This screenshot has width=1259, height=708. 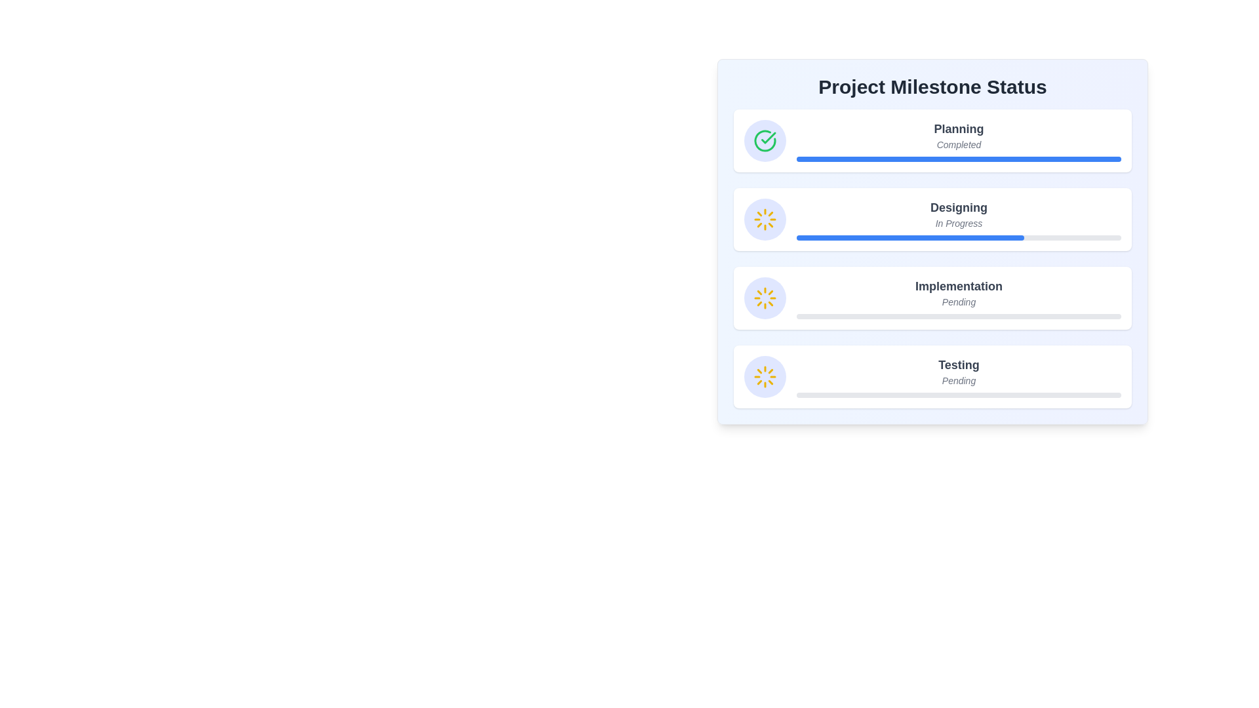 I want to click on the horizontal progress bar located beneath the 'Designing' label and 'In Progress' status description, which is the third item in the 'Project Milestone Status' list, so click(x=959, y=237).